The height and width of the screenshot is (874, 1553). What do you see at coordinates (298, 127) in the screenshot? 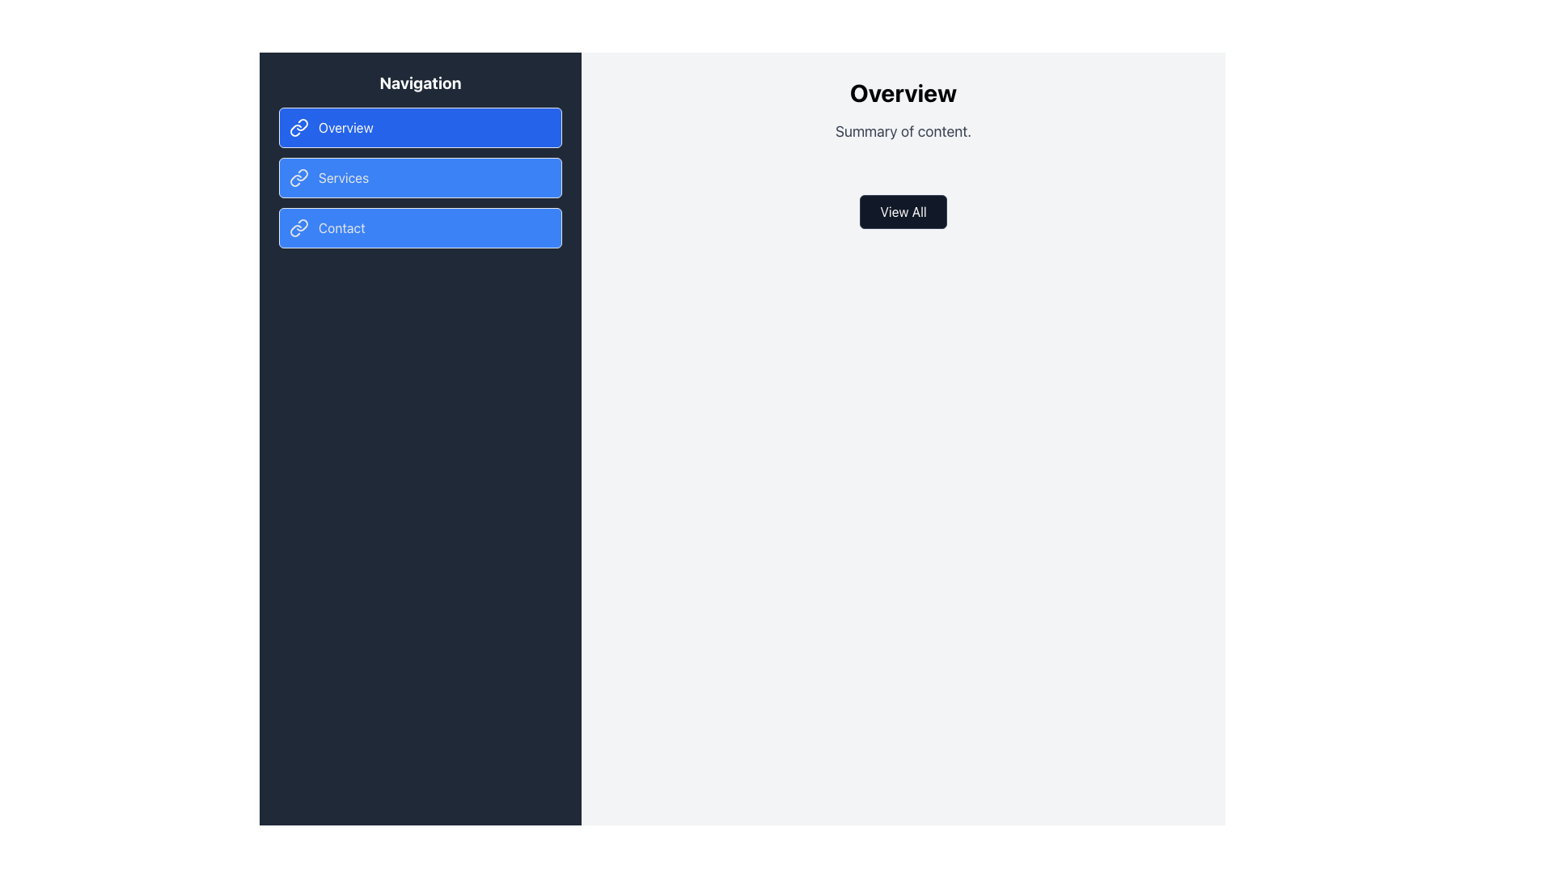
I see `the chain-link styled icon with rounded edges, which is rendered in a white outline on a blue background, located at the top-left corner adjacent to the 'Overview' text` at bounding box center [298, 127].